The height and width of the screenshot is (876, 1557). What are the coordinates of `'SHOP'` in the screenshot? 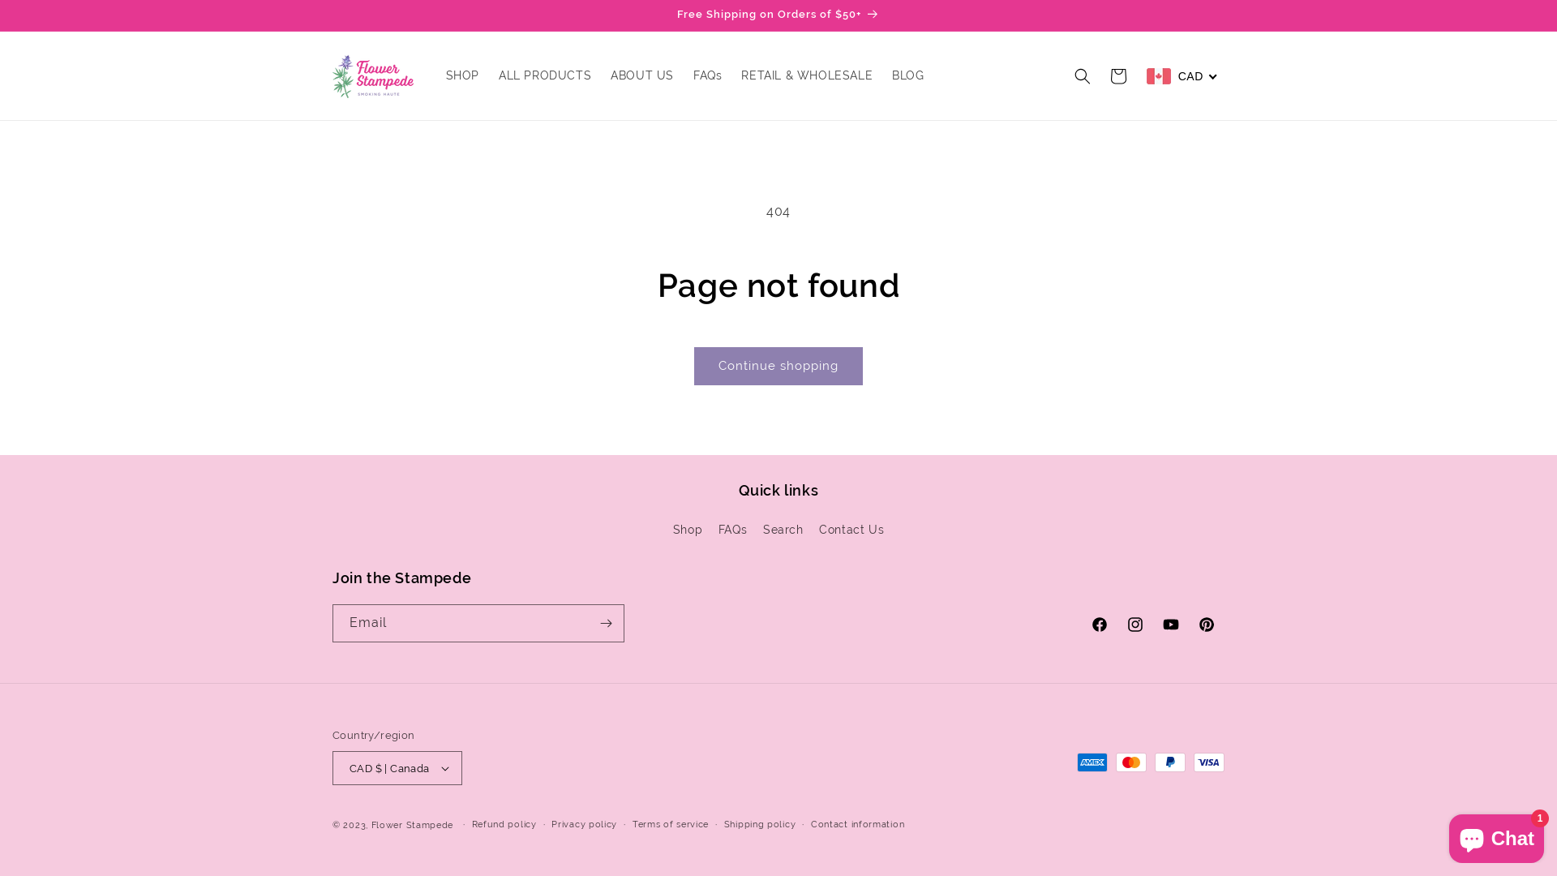 It's located at (461, 75).